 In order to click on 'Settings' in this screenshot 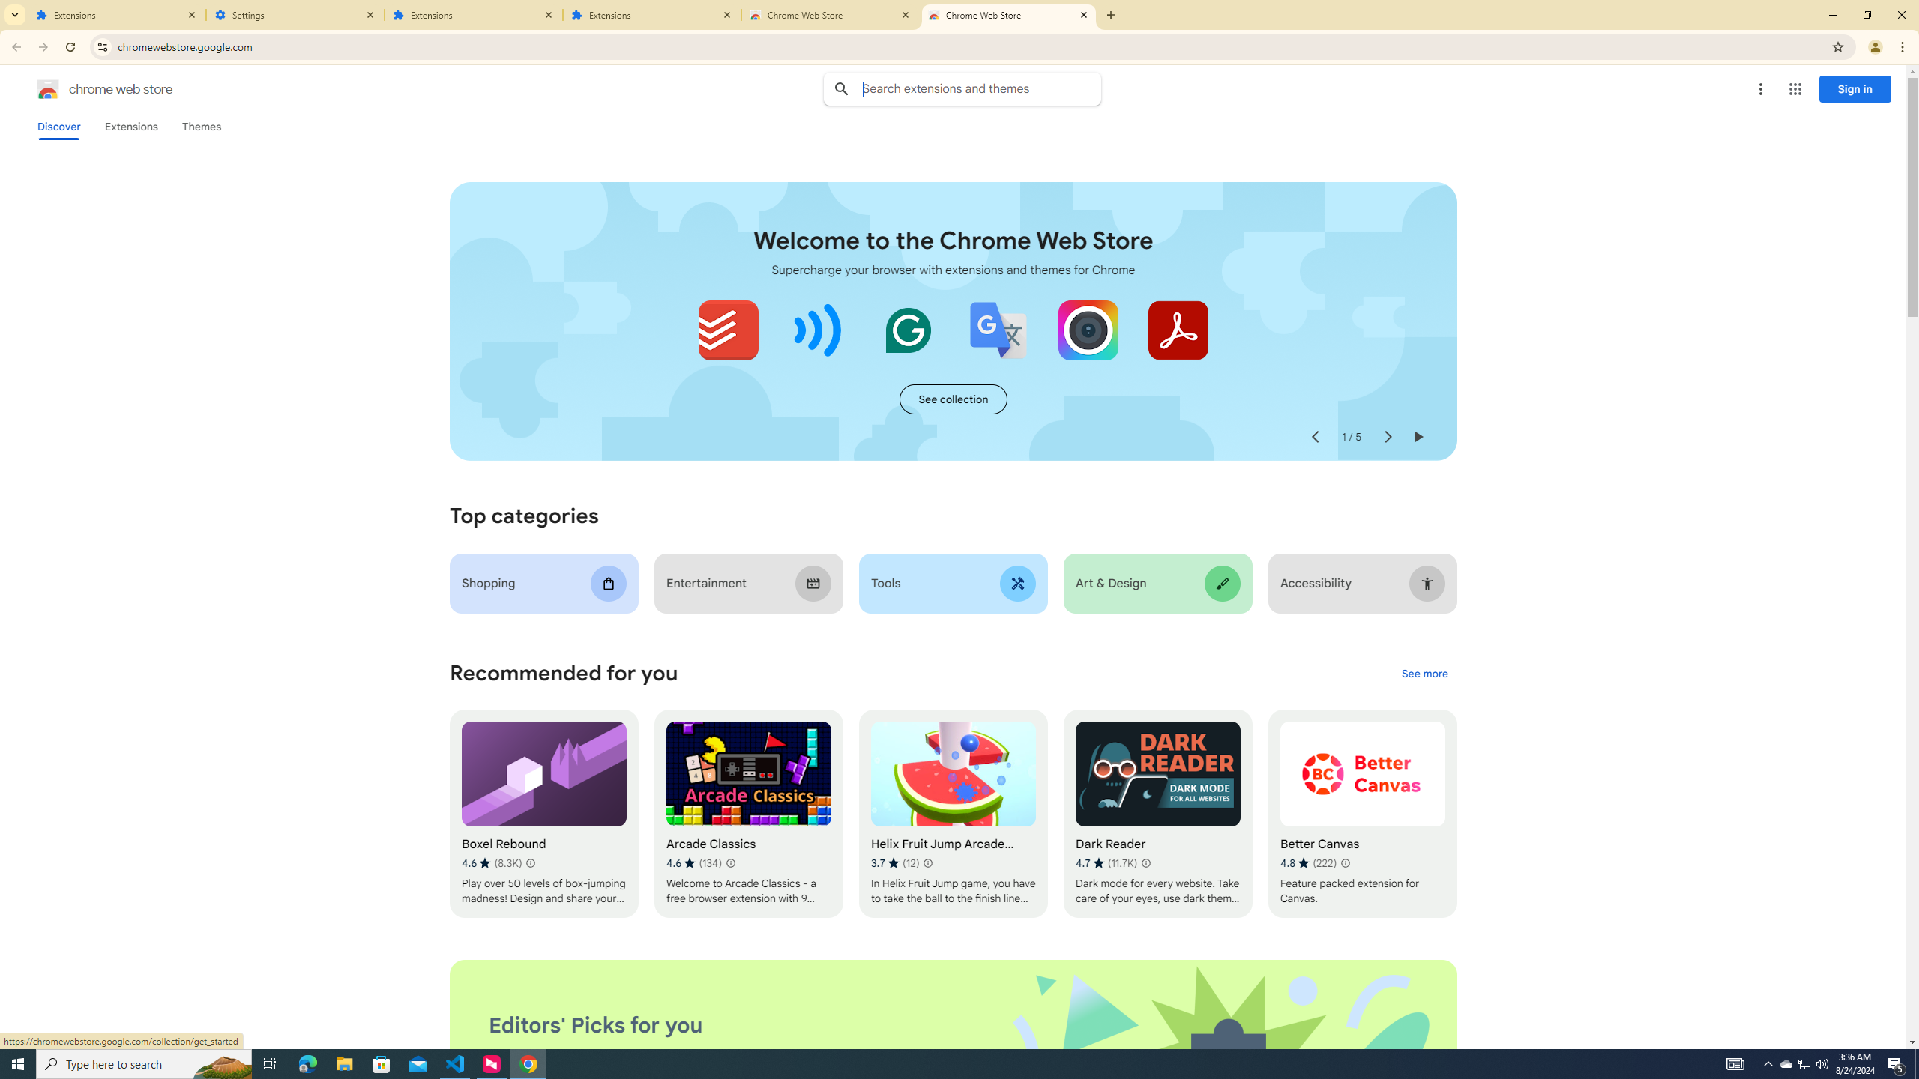, I will do `click(295, 14)`.